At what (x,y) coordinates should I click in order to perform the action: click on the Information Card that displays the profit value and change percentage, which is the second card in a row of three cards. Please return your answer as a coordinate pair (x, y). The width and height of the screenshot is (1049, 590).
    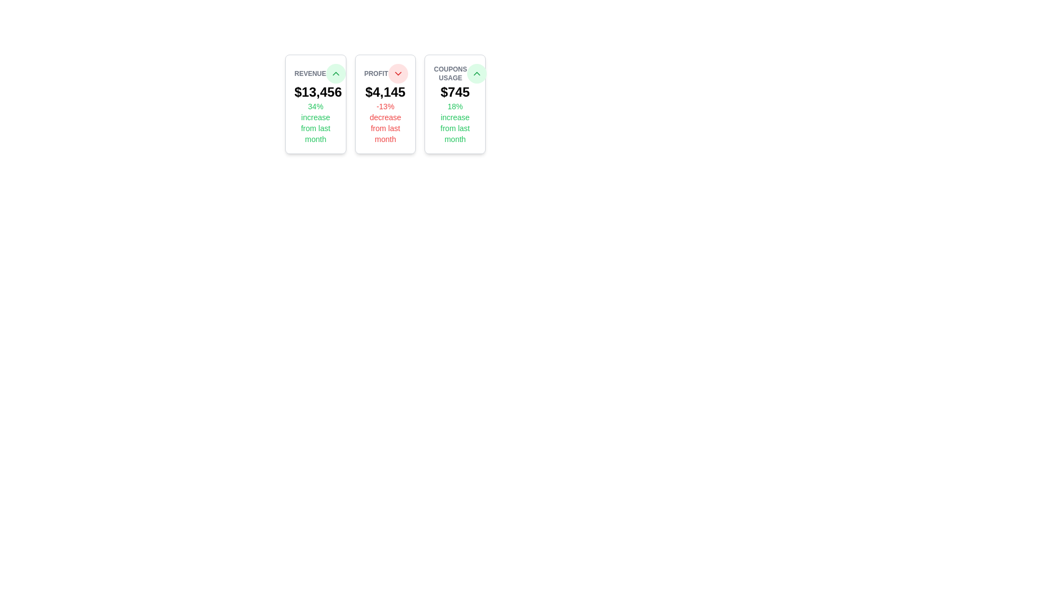
    Looking at the image, I should click on (385, 104).